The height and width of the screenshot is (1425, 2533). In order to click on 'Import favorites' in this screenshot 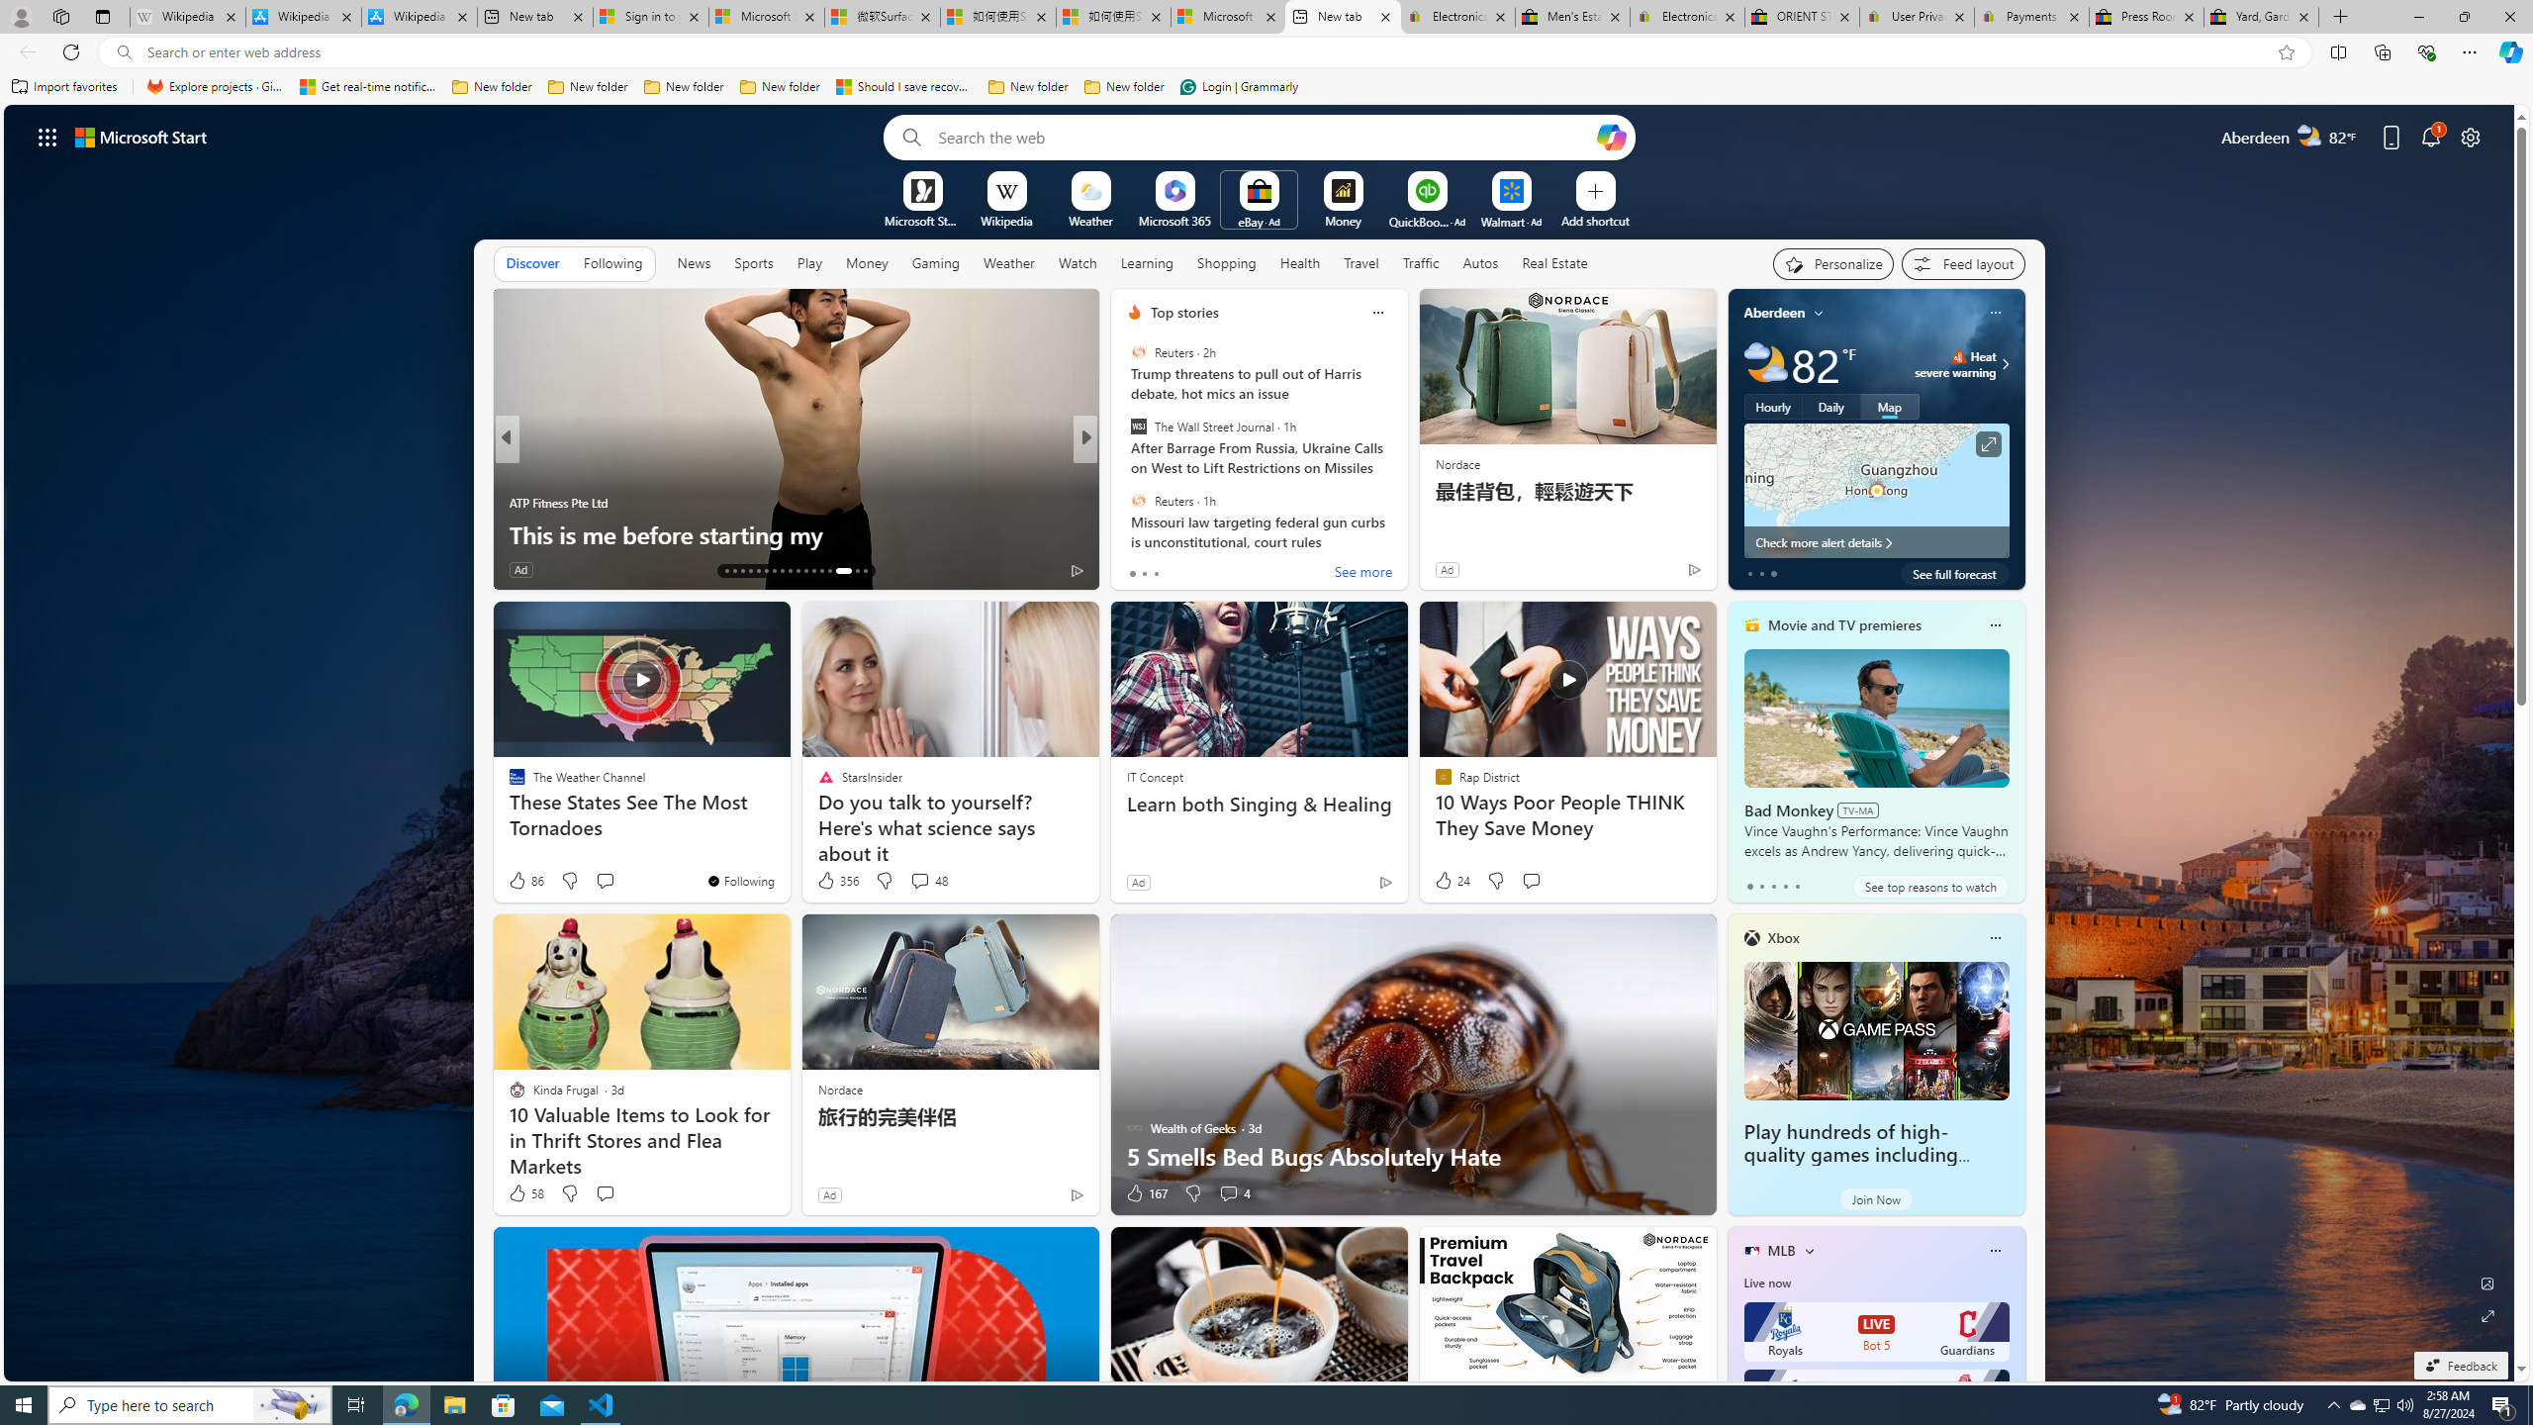, I will do `click(64, 86)`.